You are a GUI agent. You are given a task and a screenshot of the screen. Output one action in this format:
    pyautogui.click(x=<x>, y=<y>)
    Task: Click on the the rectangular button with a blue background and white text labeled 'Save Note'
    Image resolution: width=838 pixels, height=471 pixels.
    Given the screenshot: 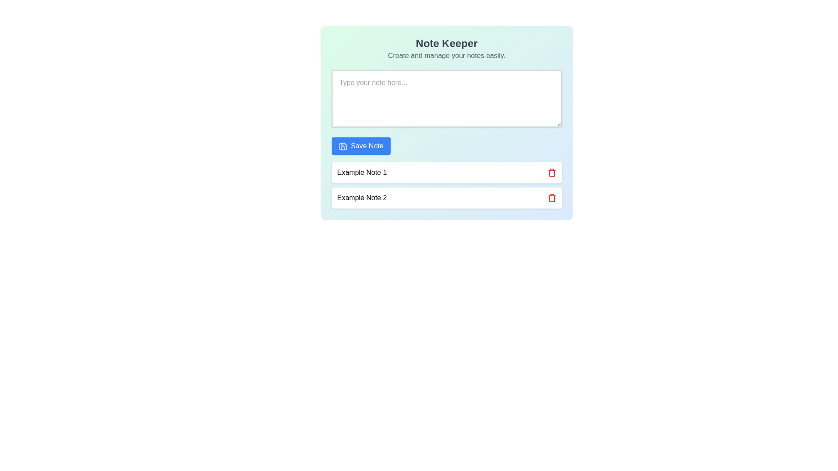 What is the action you would take?
    pyautogui.click(x=361, y=146)
    